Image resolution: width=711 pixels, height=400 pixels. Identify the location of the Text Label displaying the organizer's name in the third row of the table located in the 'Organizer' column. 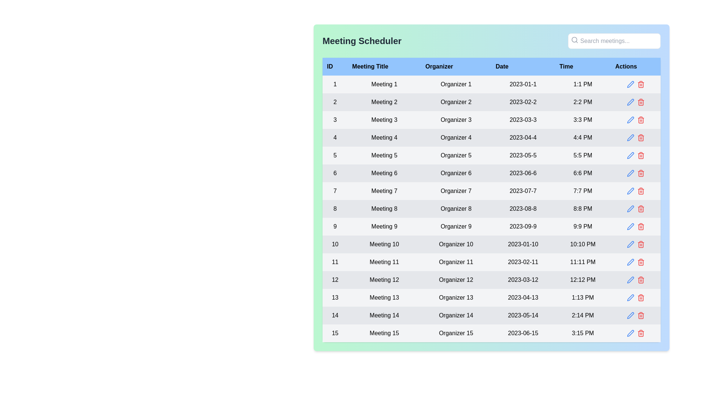
(455, 120).